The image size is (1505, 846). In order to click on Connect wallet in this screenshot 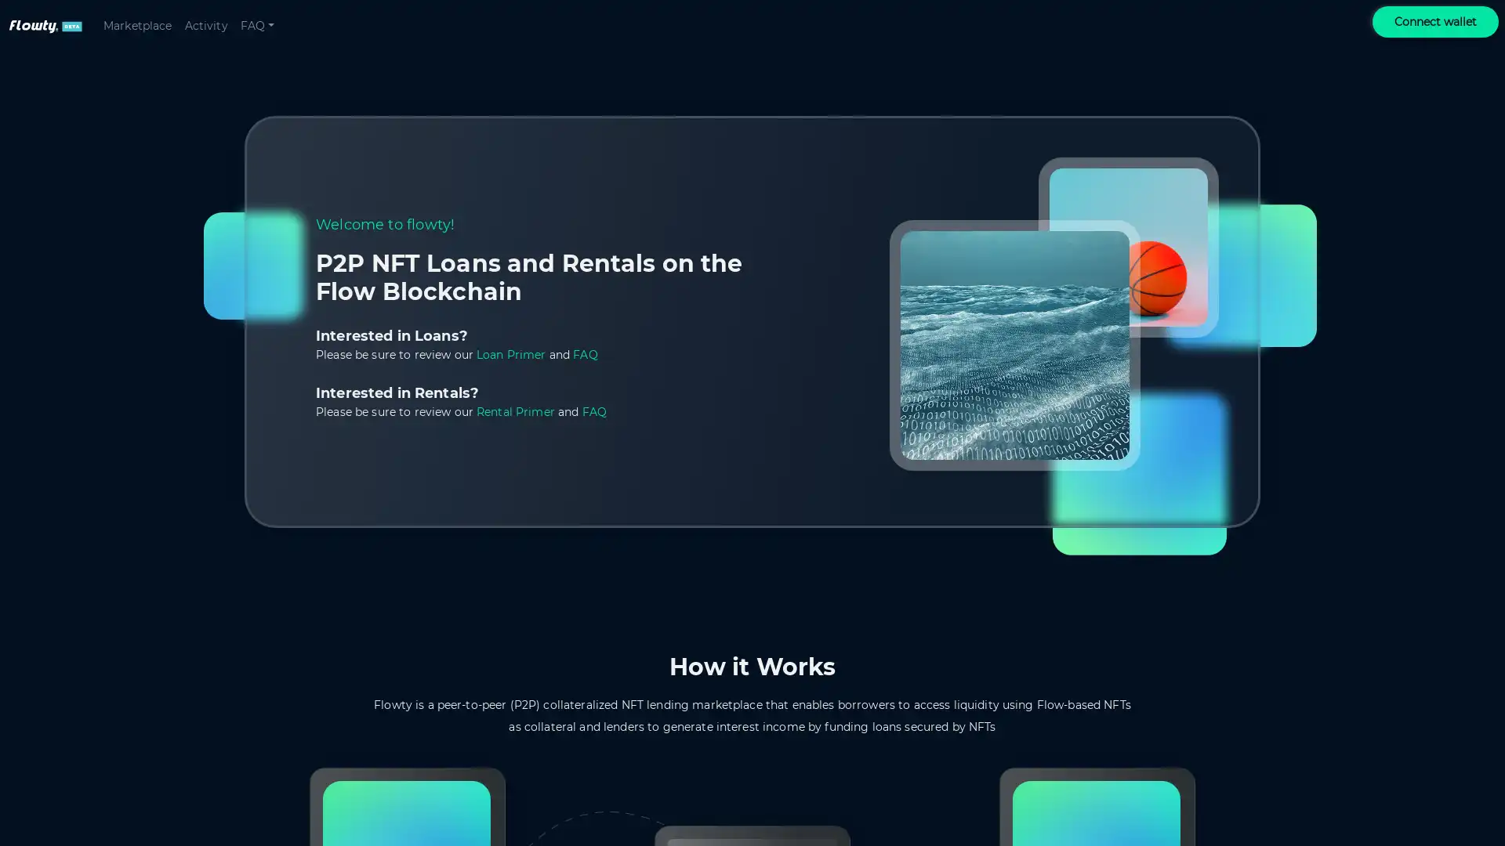, I will do `click(1435, 21)`.